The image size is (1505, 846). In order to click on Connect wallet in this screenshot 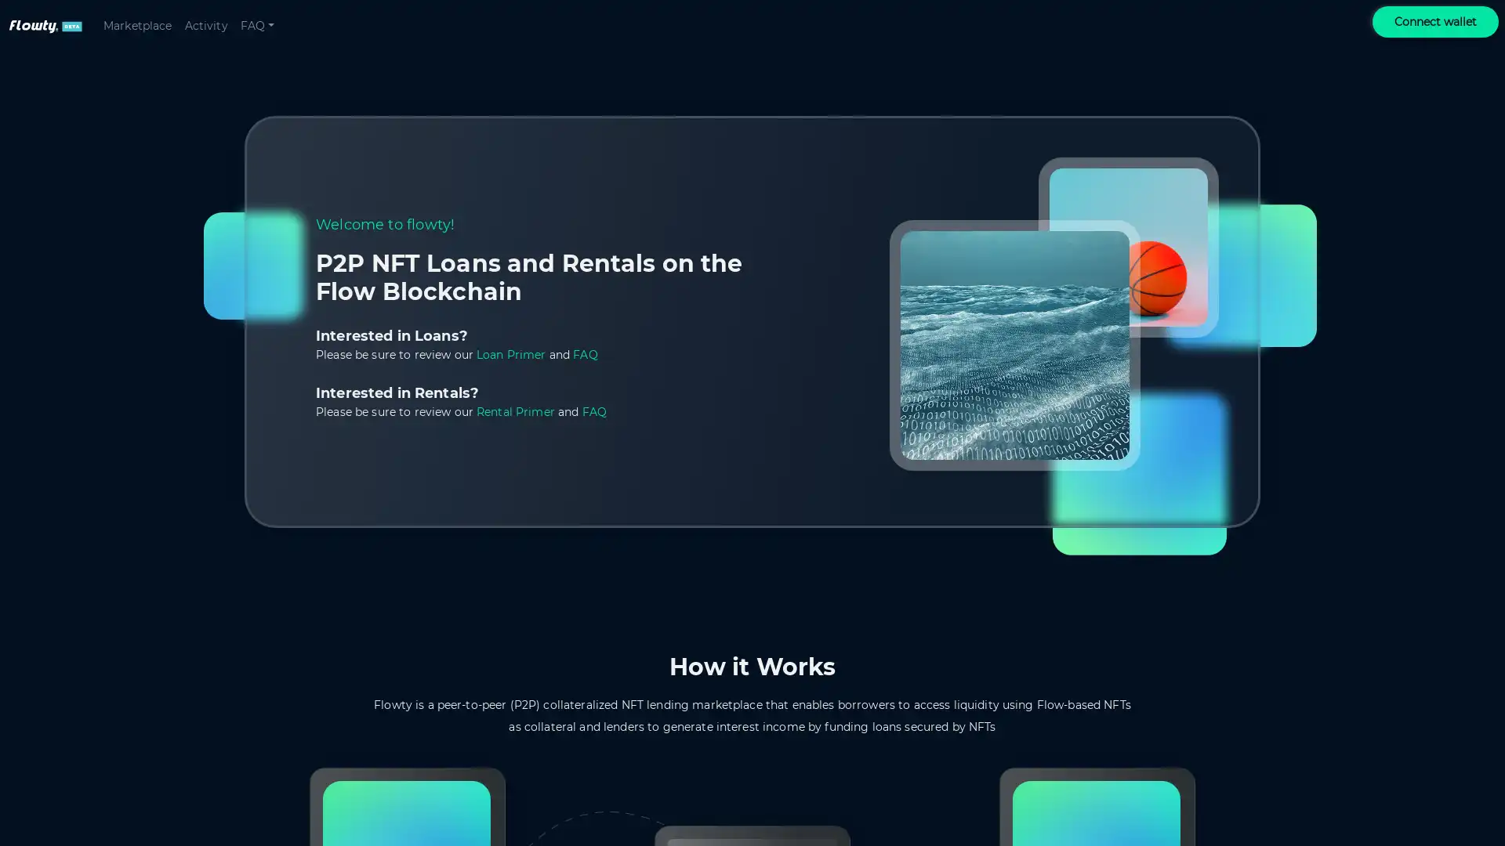, I will do `click(1435, 21)`.